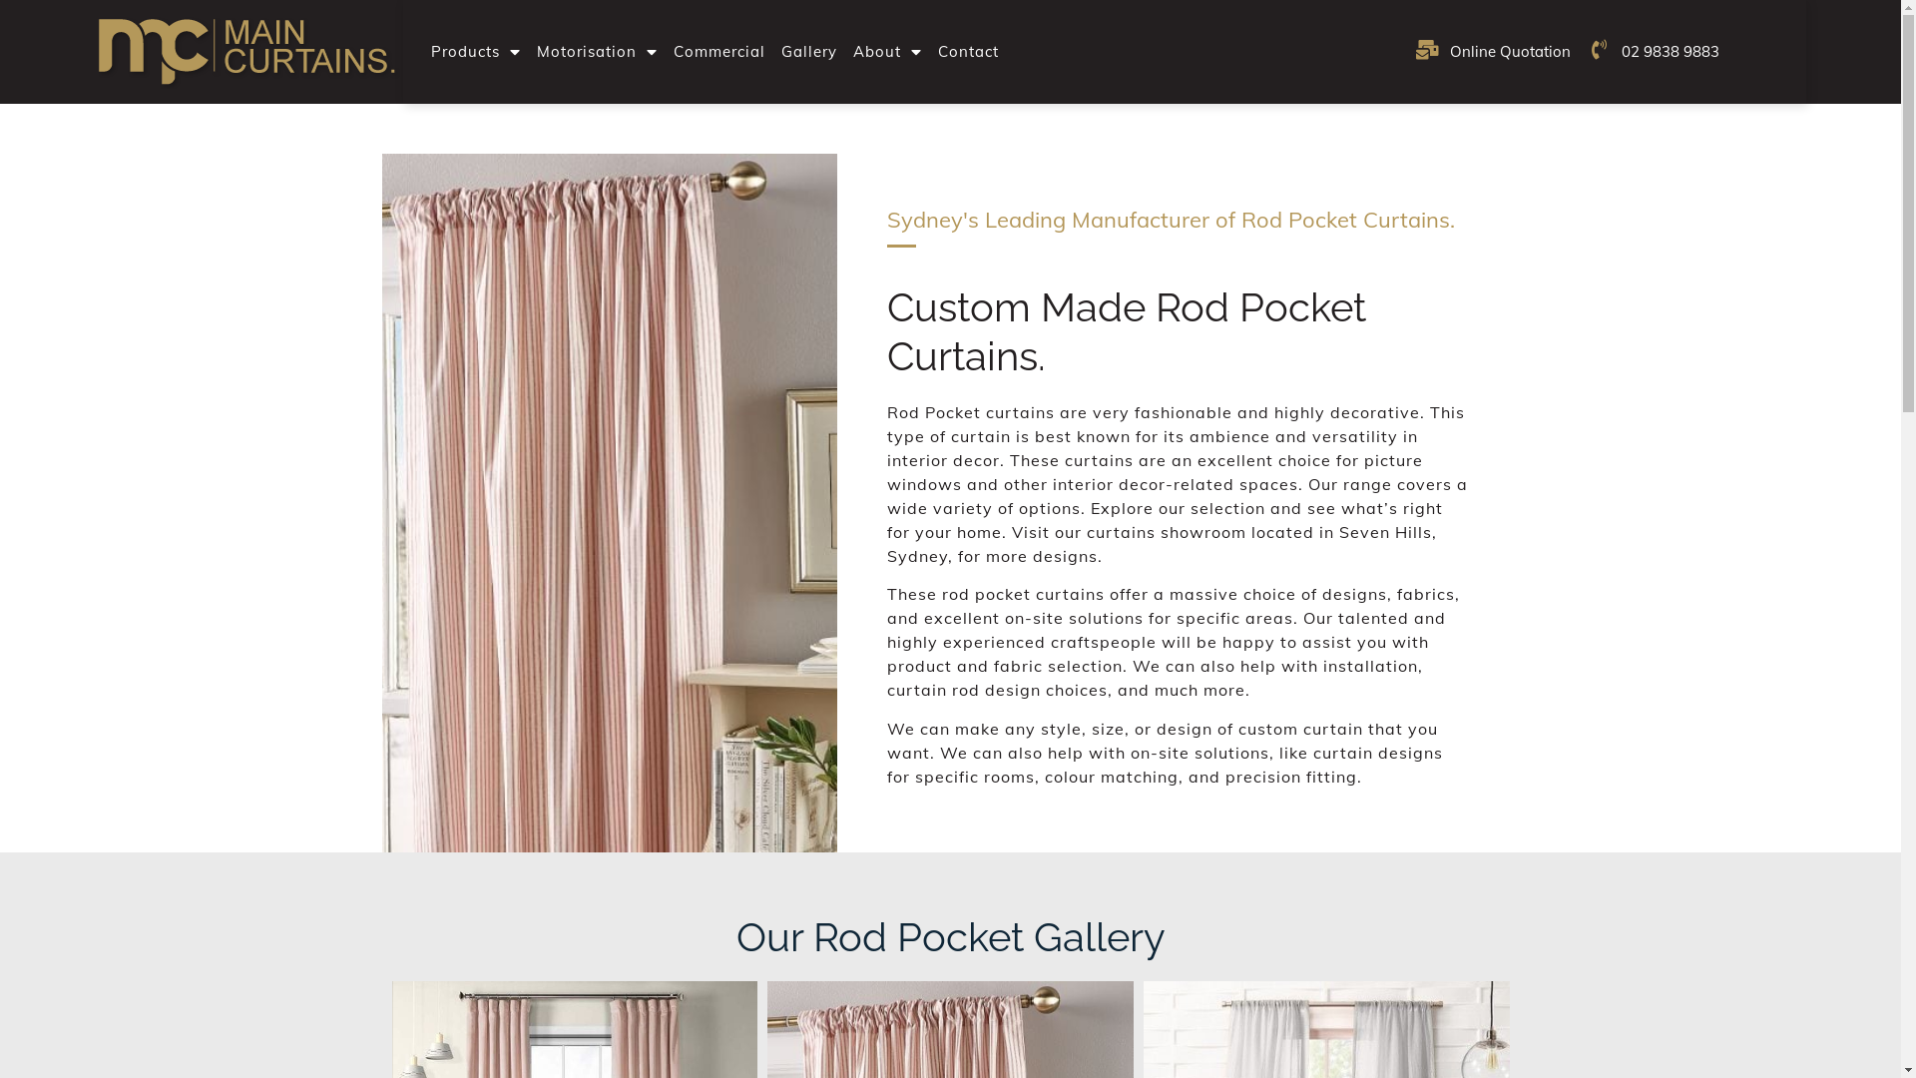 Image resolution: width=1916 pixels, height=1078 pixels. What do you see at coordinates (809, 50) in the screenshot?
I see `'Gallery'` at bounding box center [809, 50].